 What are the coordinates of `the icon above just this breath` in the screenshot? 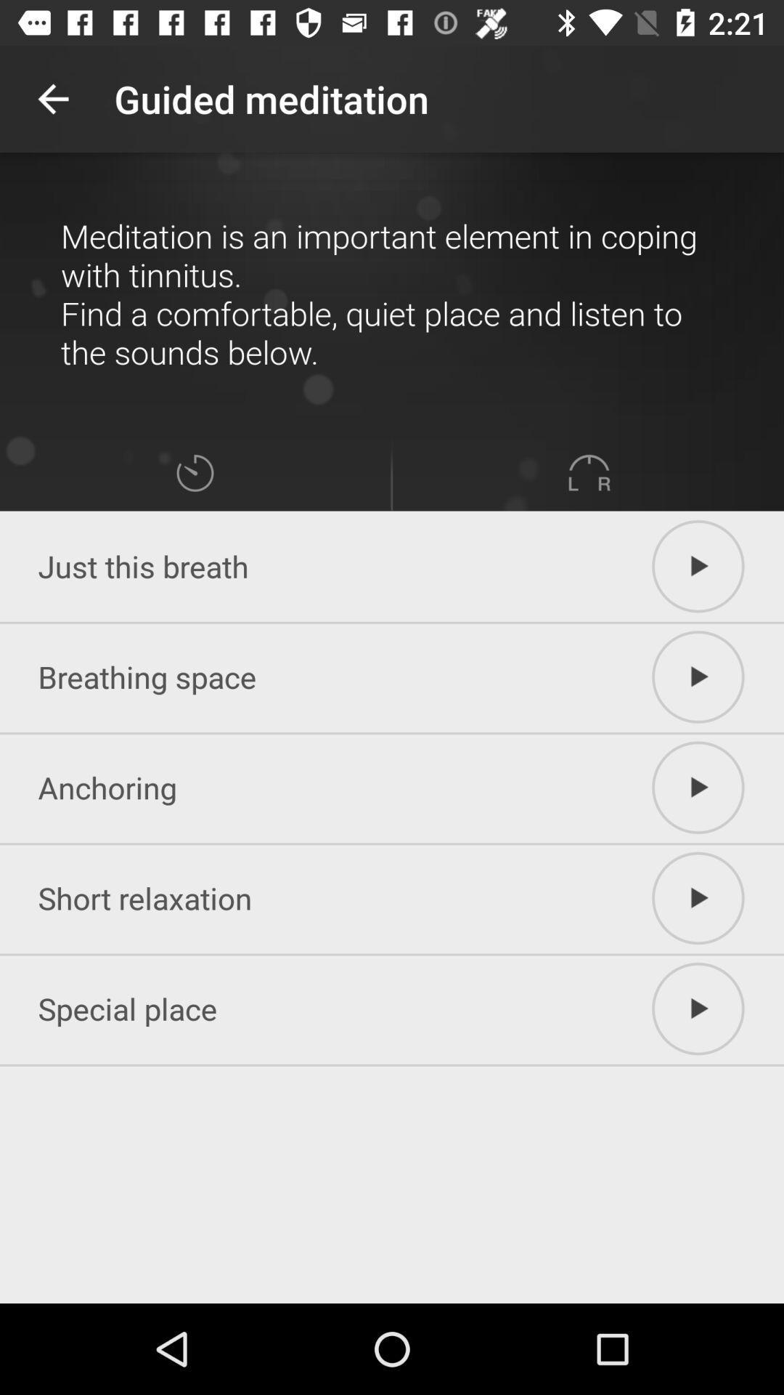 It's located at (194, 473).